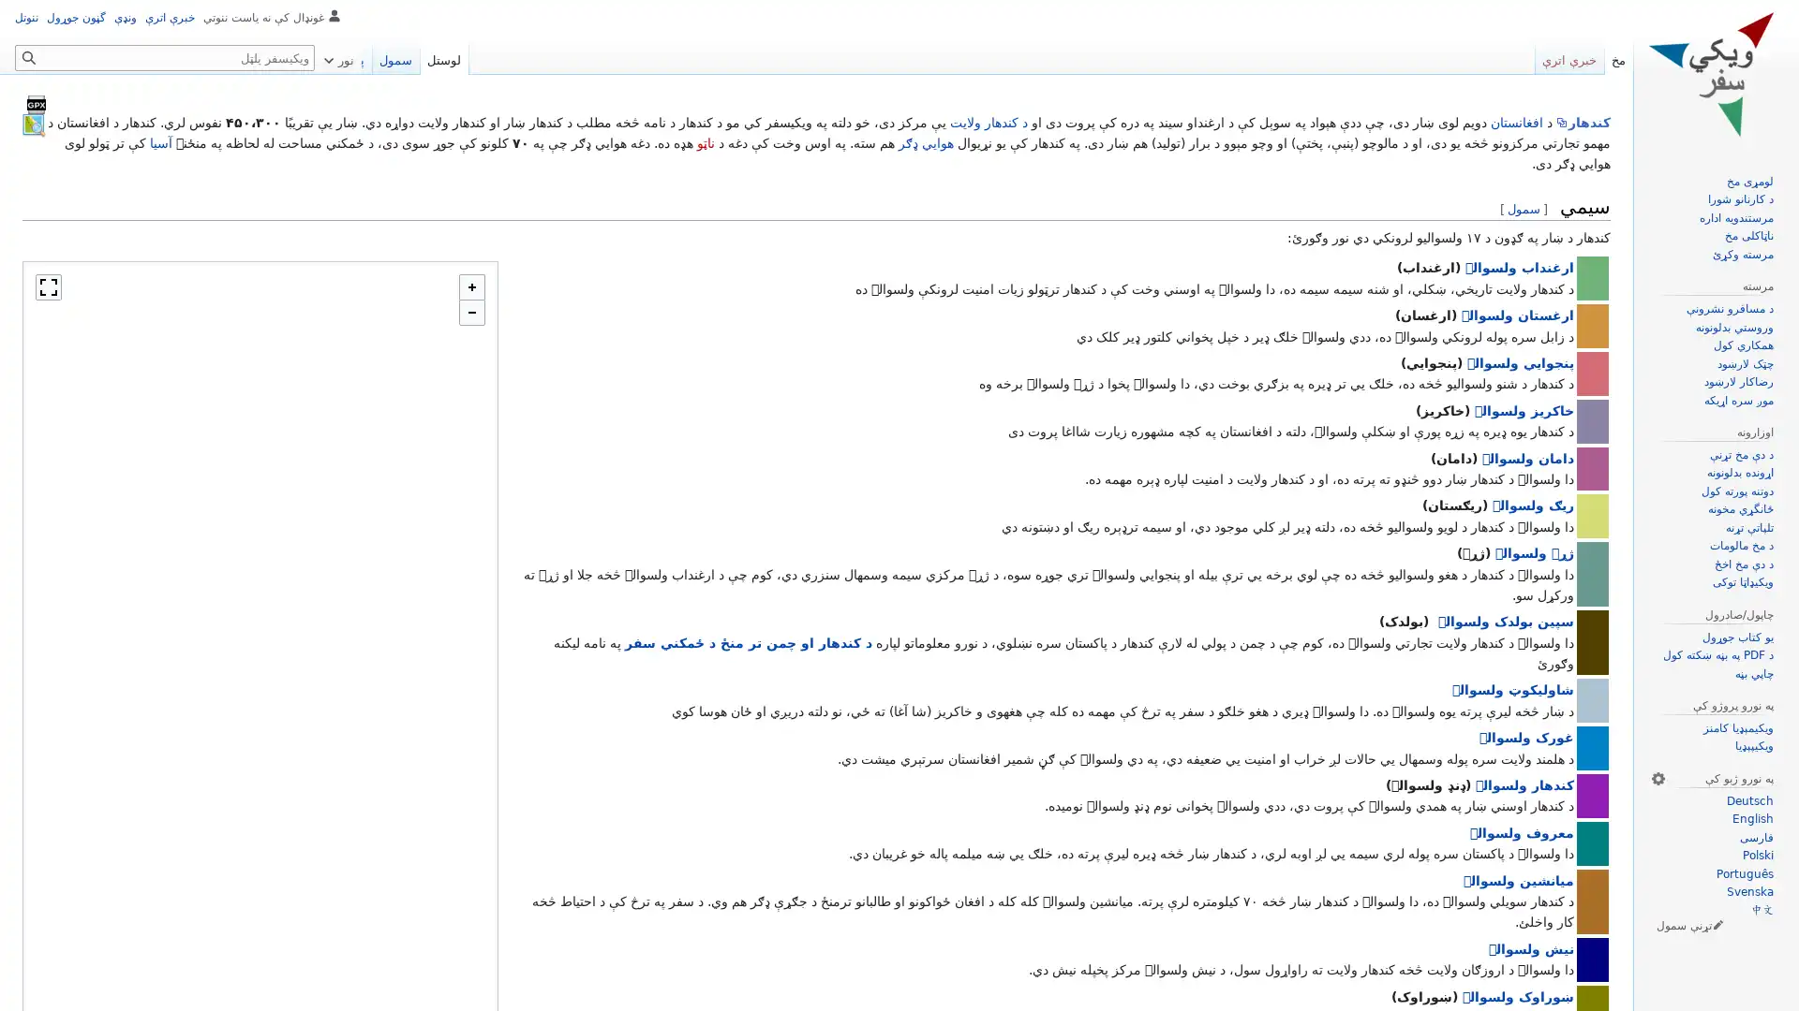 The width and height of the screenshot is (1799, 1011). I want to click on Zoom in, so click(472, 286).